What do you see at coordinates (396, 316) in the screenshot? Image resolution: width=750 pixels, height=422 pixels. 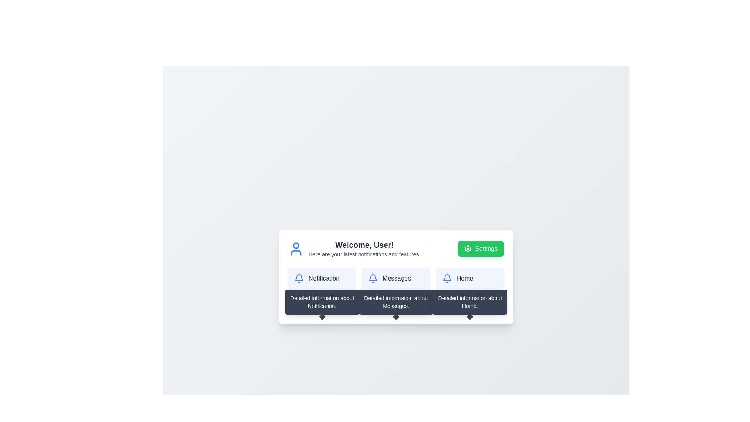 I see `the small, diamond-shaped dark gray icon located directly below the tooltip box containing the text 'Detailed information about Messages.'` at bounding box center [396, 316].